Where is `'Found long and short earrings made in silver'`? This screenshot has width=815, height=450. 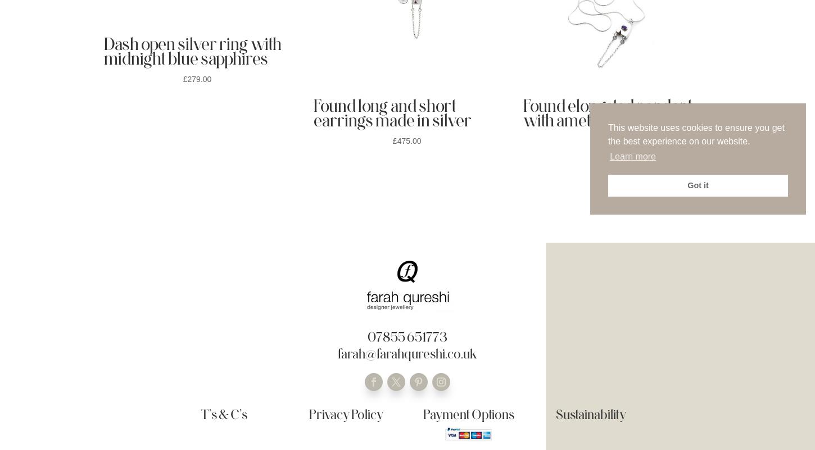
'Found long and short earrings made in silver' is located at coordinates (392, 112).